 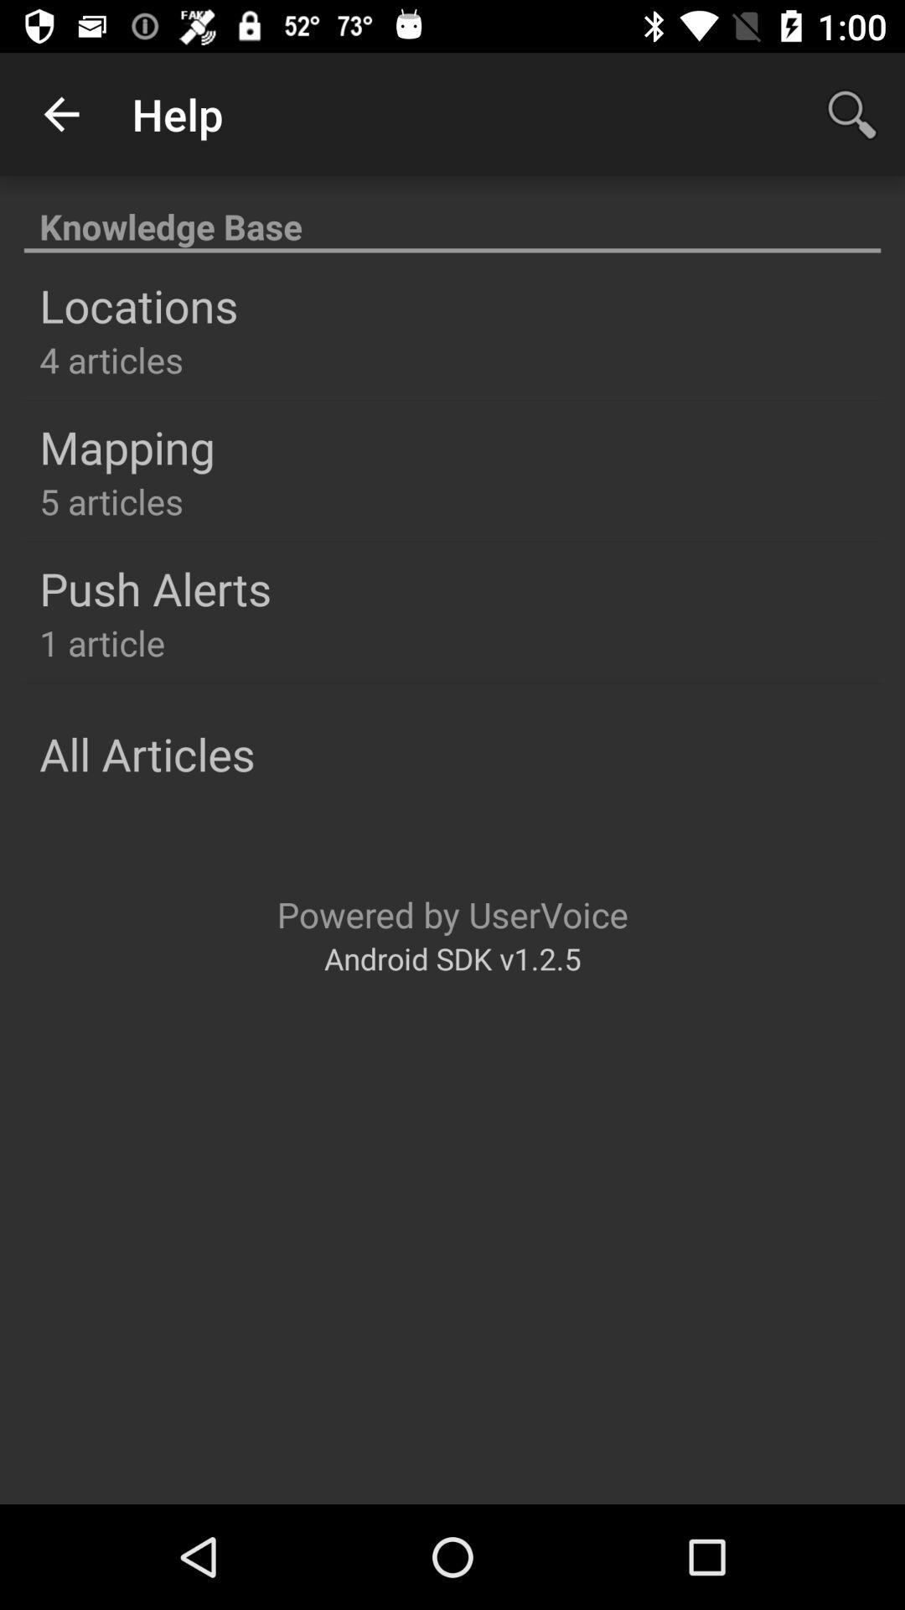 What do you see at coordinates (155, 588) in the screenshot?
I see `the push alerts icon` at bounding box center [155, 588].